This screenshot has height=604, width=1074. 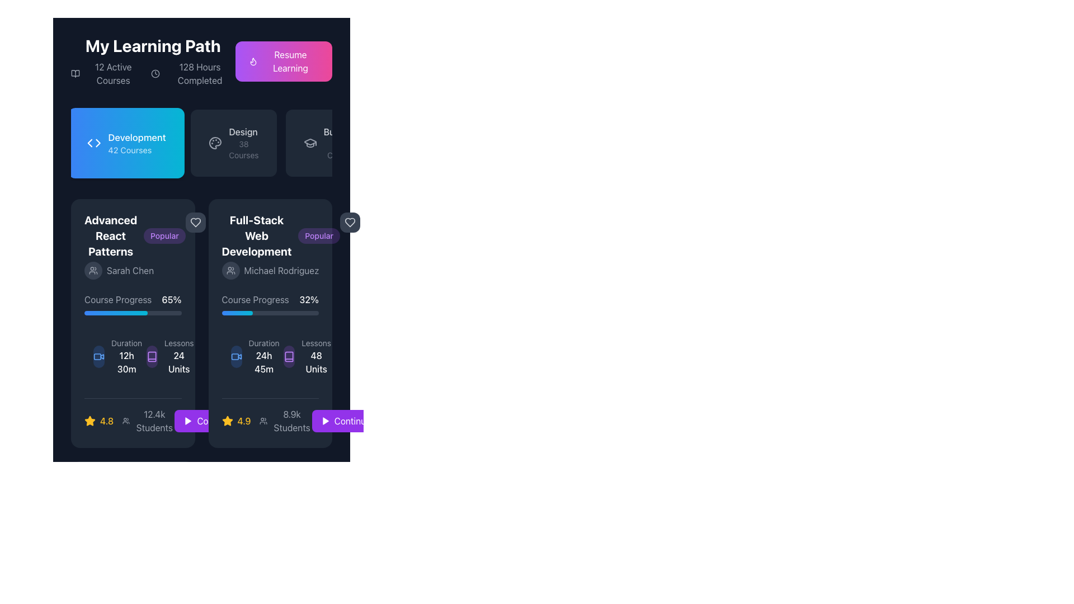 What do you see at coordinates (133, 313) in the screenshot?
I see `the progress represented by the Progress Bar located near the bottom of the 'Advanced React Patterns' course module, below 'Course Progress' and '65%', and above the course details` at bounding box center [133, 313].